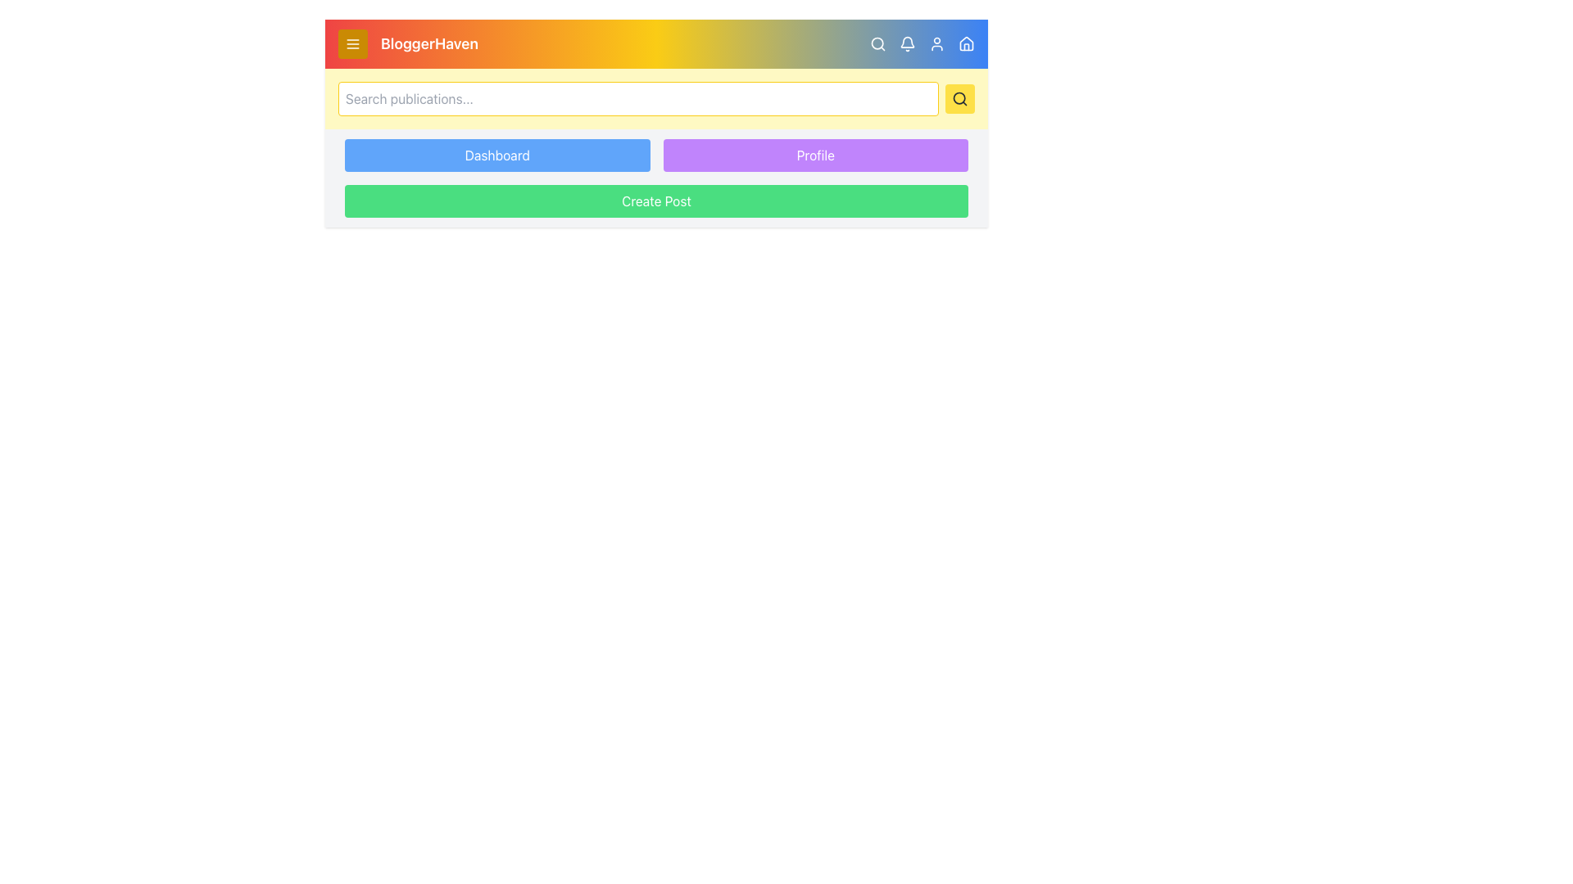 The height and width of the screenshot is (884, 1573). I want to click on the 'Profile' button, which is a rectangular button with a purple background and white text, located to the right of the 'Dashboard' button in the main navigation section, so click(815, 155).